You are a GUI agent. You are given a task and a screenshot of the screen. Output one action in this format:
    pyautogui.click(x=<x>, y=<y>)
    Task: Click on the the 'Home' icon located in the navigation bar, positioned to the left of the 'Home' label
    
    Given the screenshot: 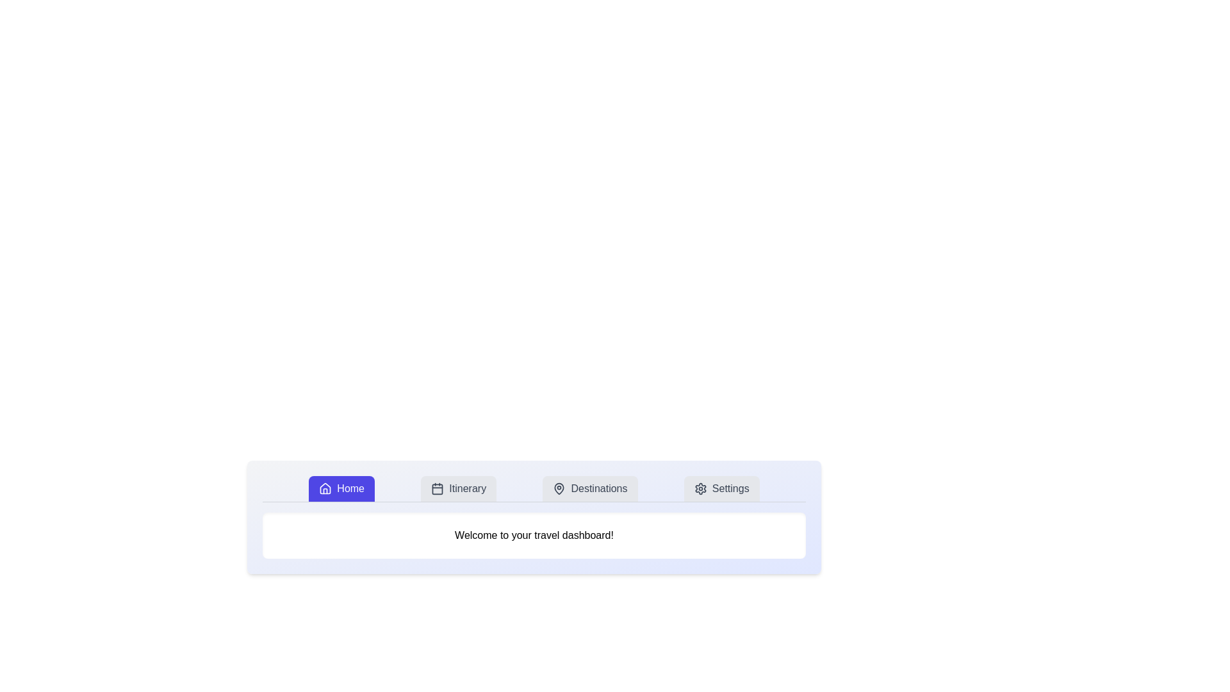 What is the action you would take?
    pyautogui.click(x=325, y=489)
    